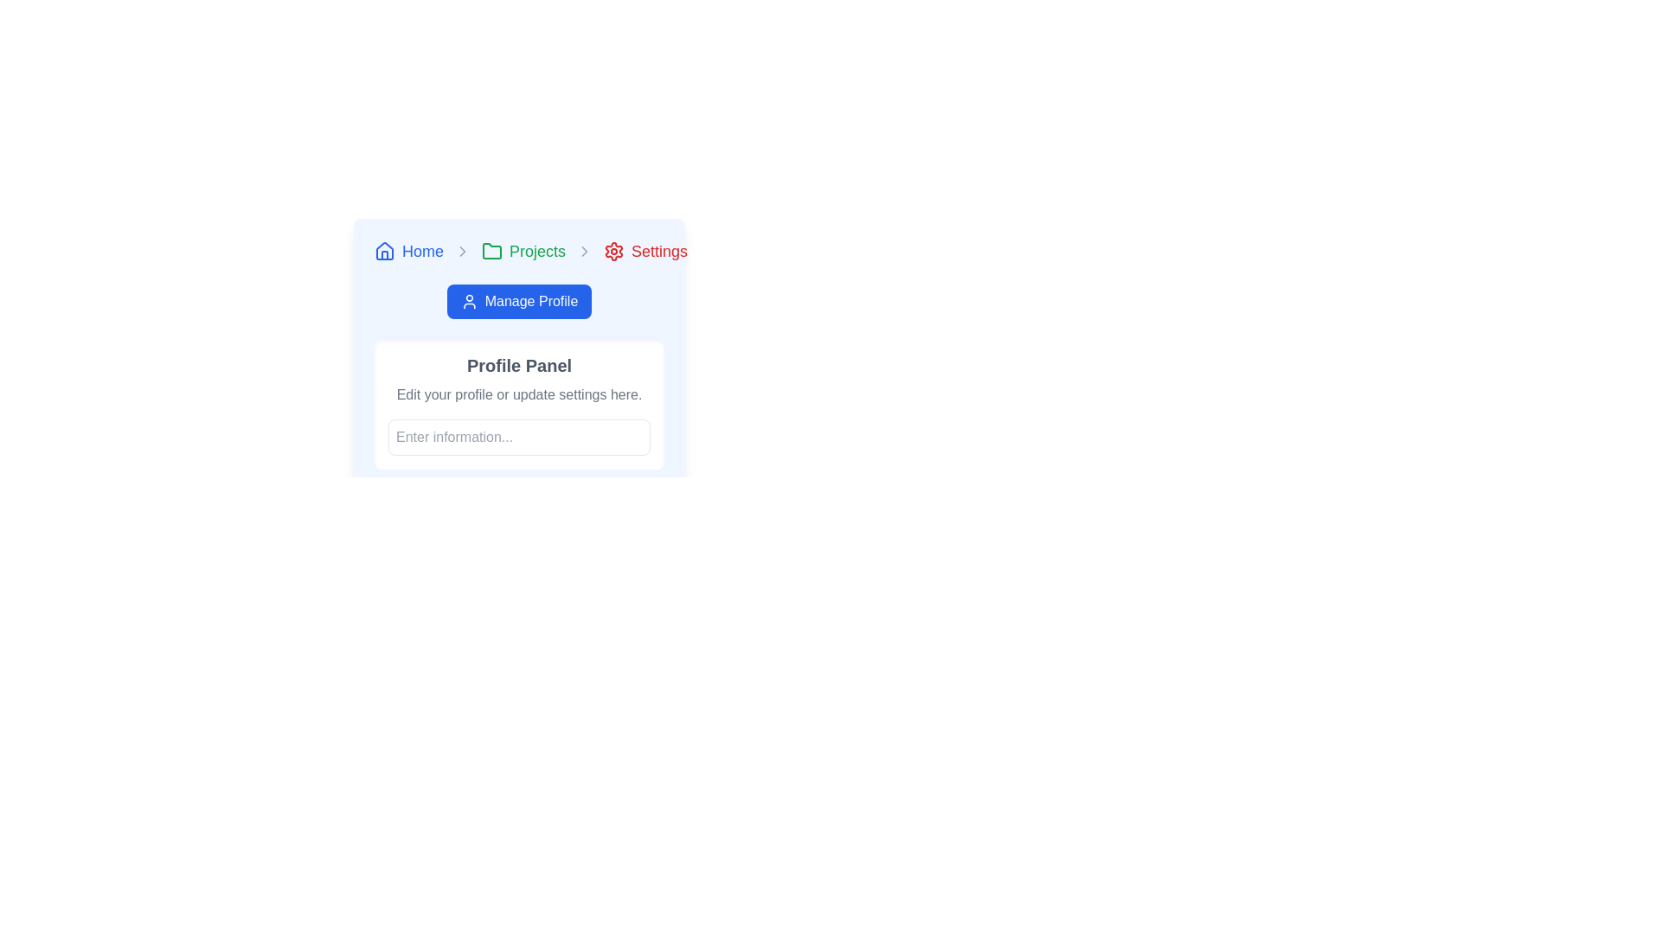 This screenshot has height=934, width=1661. What do you see at coordinates (518, 251) in the screenshot?
I see `the Navigation bar located at the top of the interface` at bounding box center [518, 251].